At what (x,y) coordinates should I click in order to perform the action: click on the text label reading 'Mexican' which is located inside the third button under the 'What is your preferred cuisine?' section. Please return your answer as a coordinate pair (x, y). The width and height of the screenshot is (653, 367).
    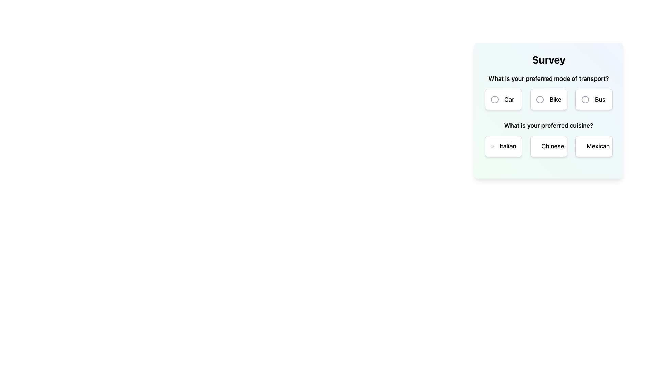
    Looking at the image, I should click on (598, 146).